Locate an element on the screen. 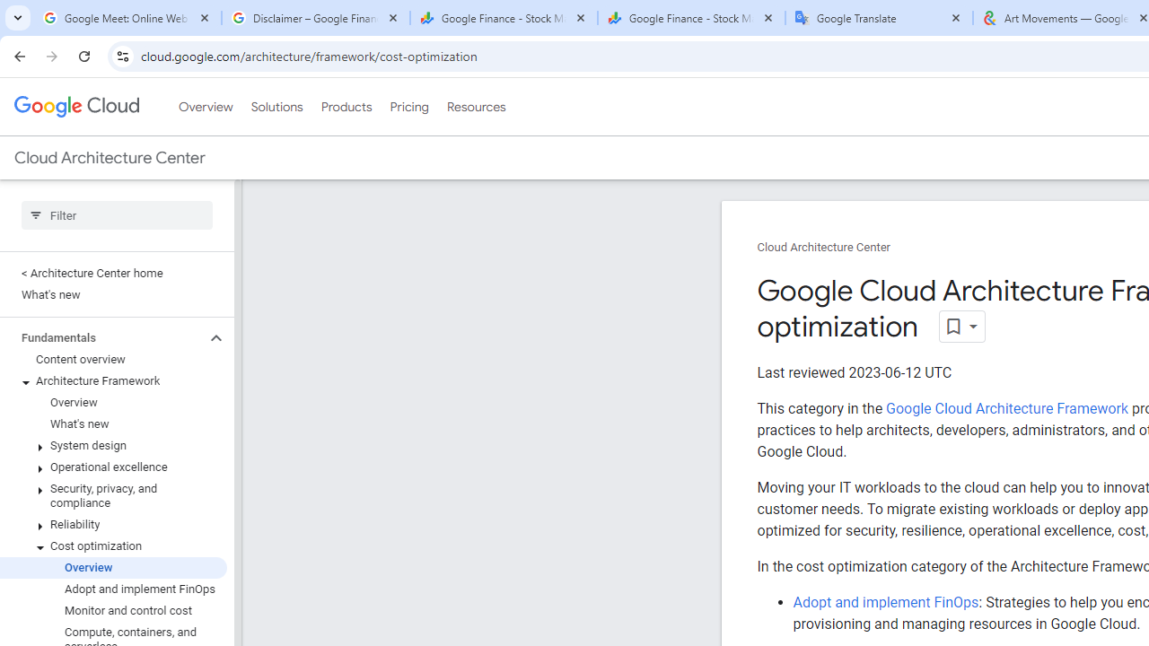  'System design' is located at coordinates (112, 445).